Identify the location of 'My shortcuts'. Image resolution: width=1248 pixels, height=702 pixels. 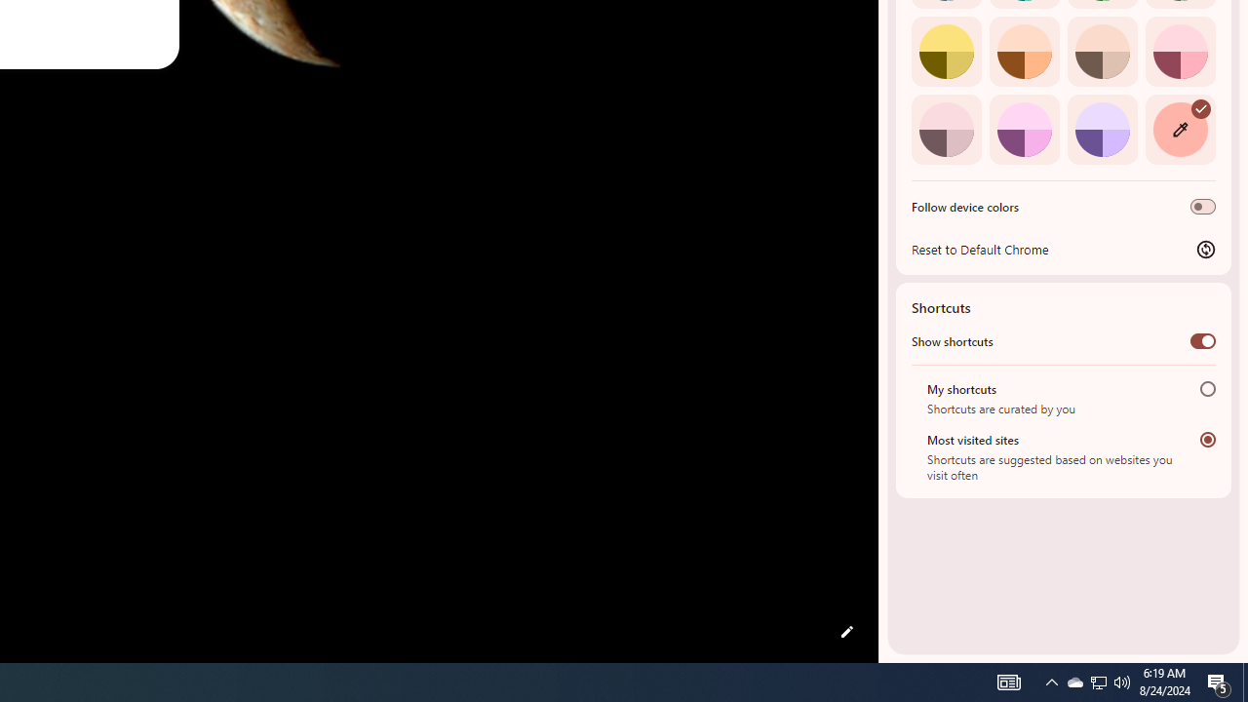
(1207, 388).